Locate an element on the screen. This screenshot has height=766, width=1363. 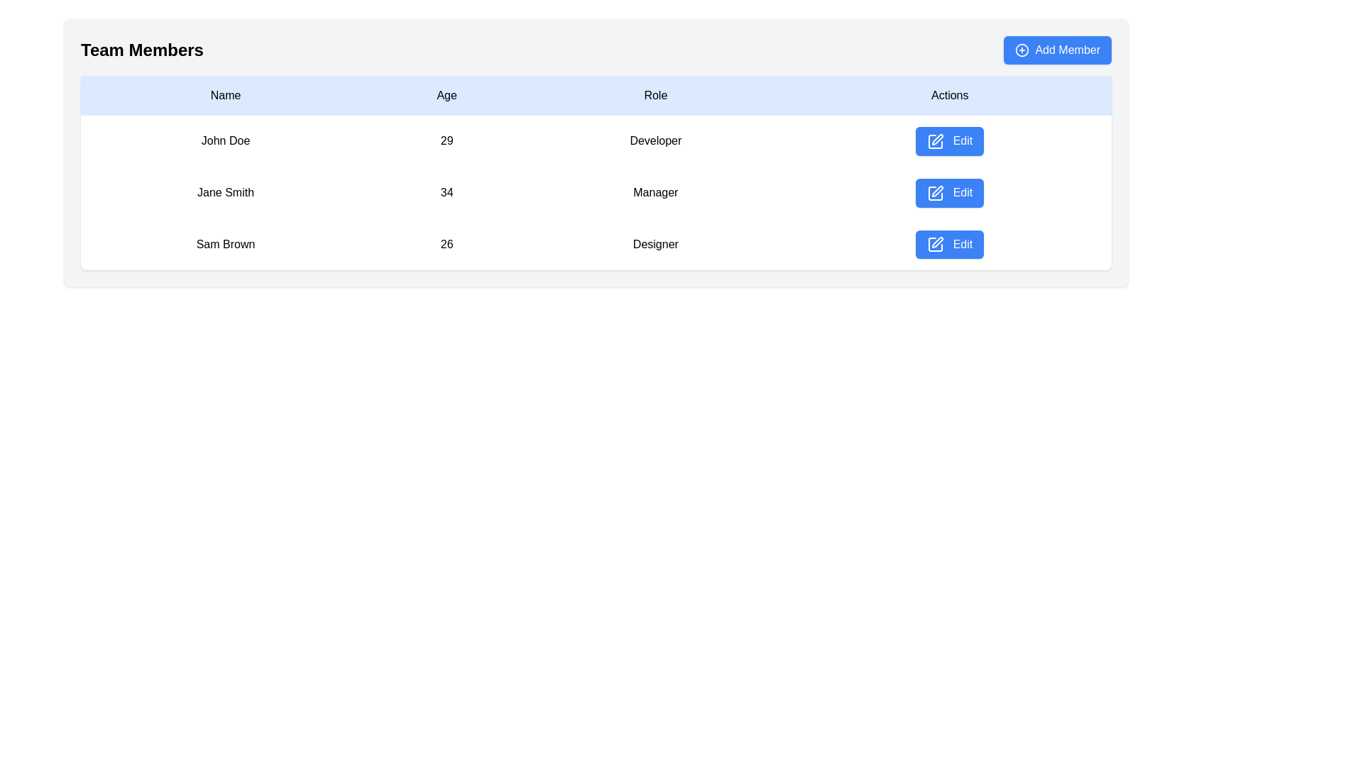
the text label displaying 'John Doe' located in the first row under the 'Name' column of the table is located at coordinates (224, 141).